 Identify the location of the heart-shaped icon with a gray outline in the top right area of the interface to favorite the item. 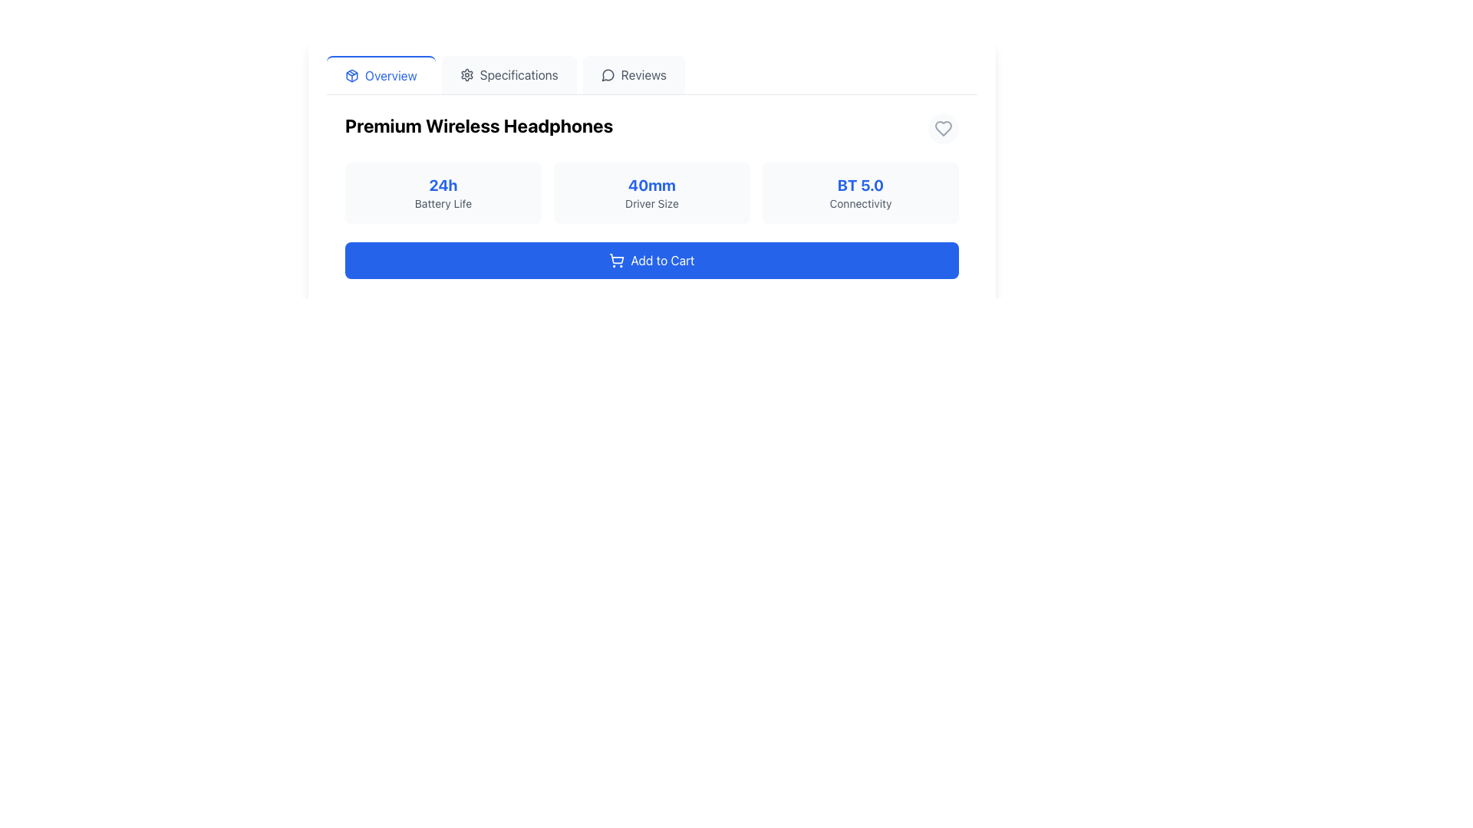
(942, 128).